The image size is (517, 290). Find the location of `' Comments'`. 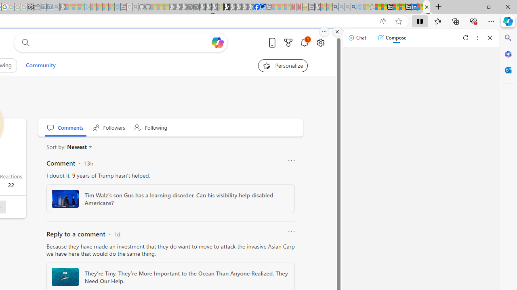

' Comments' is located at coordinates (65, 127).